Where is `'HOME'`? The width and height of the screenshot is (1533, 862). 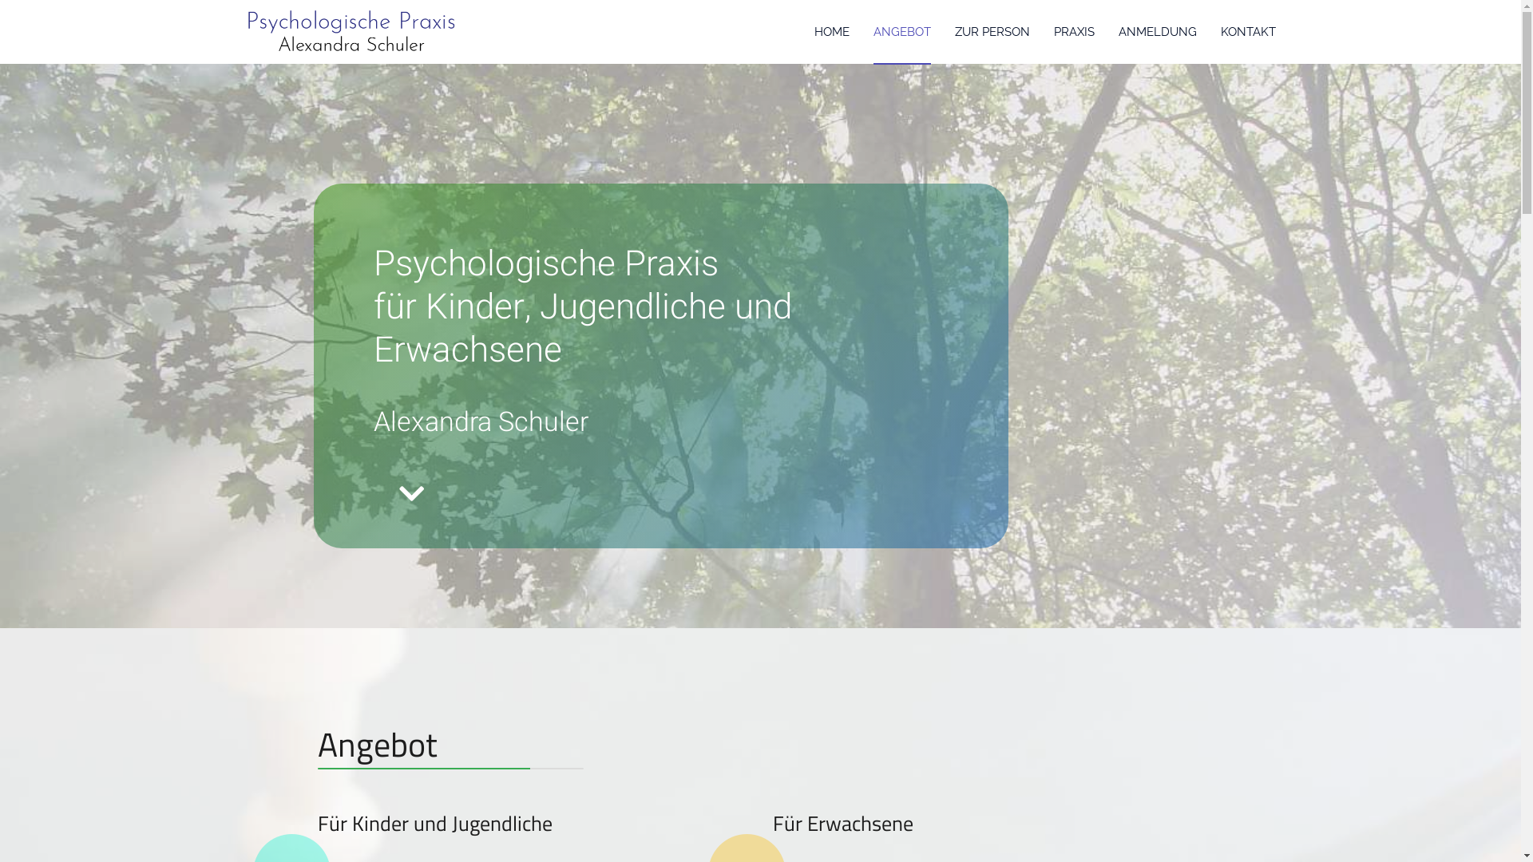
'HOME' is located at coordinates (830, 31).